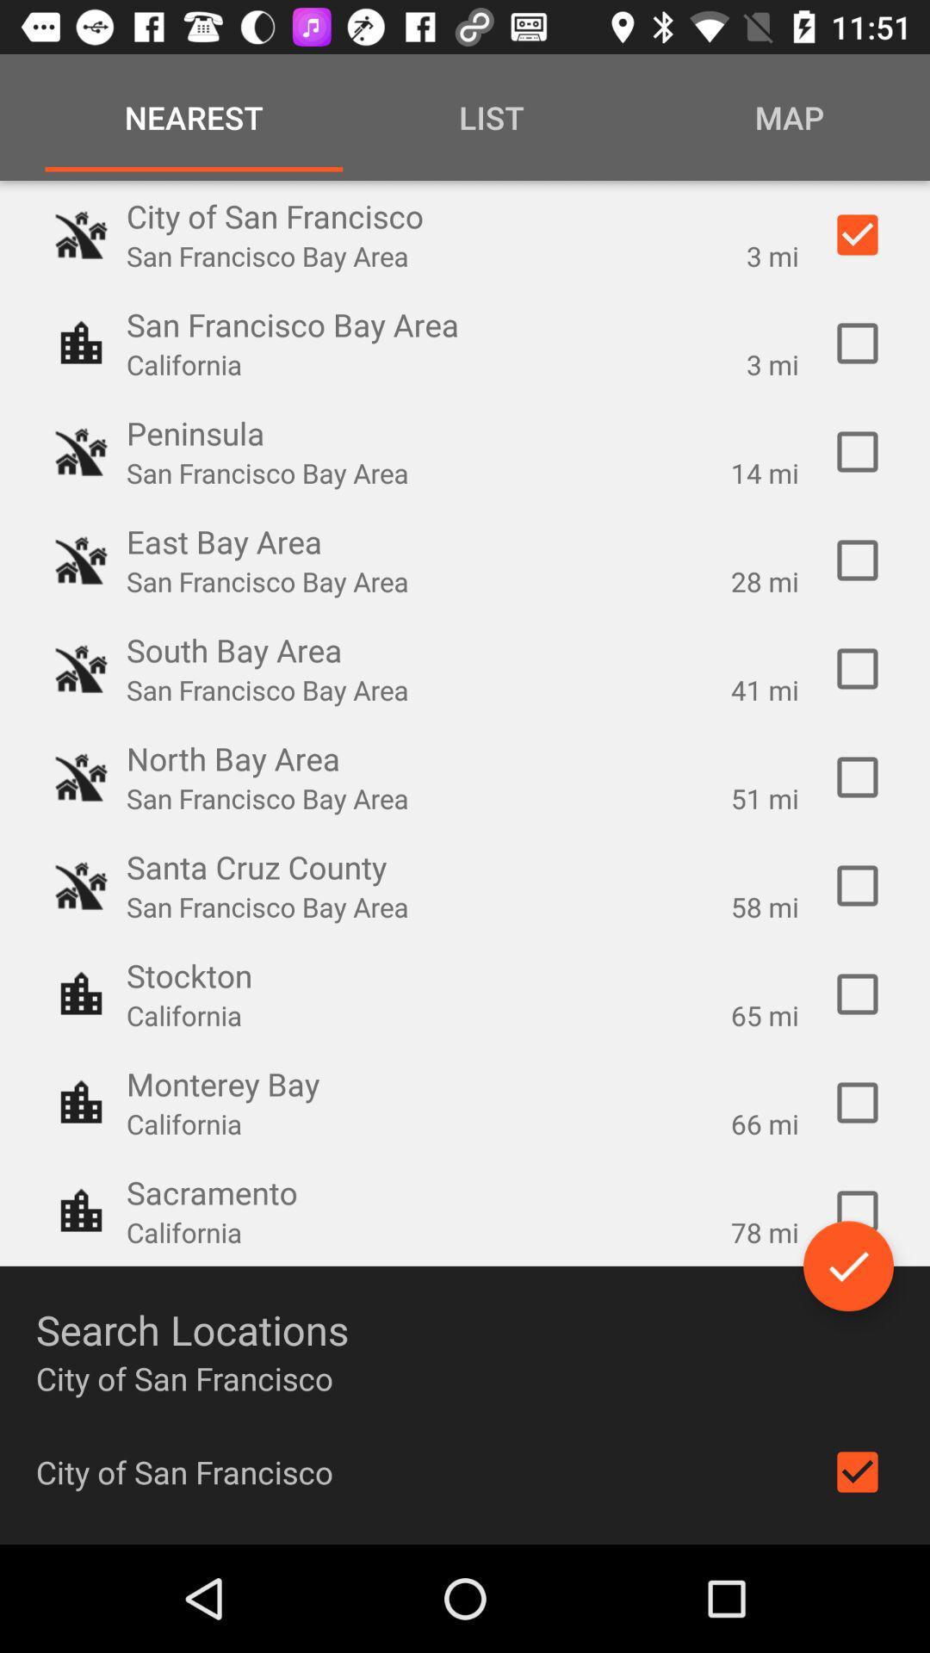  I want to click on selection box, so click(857, 668).